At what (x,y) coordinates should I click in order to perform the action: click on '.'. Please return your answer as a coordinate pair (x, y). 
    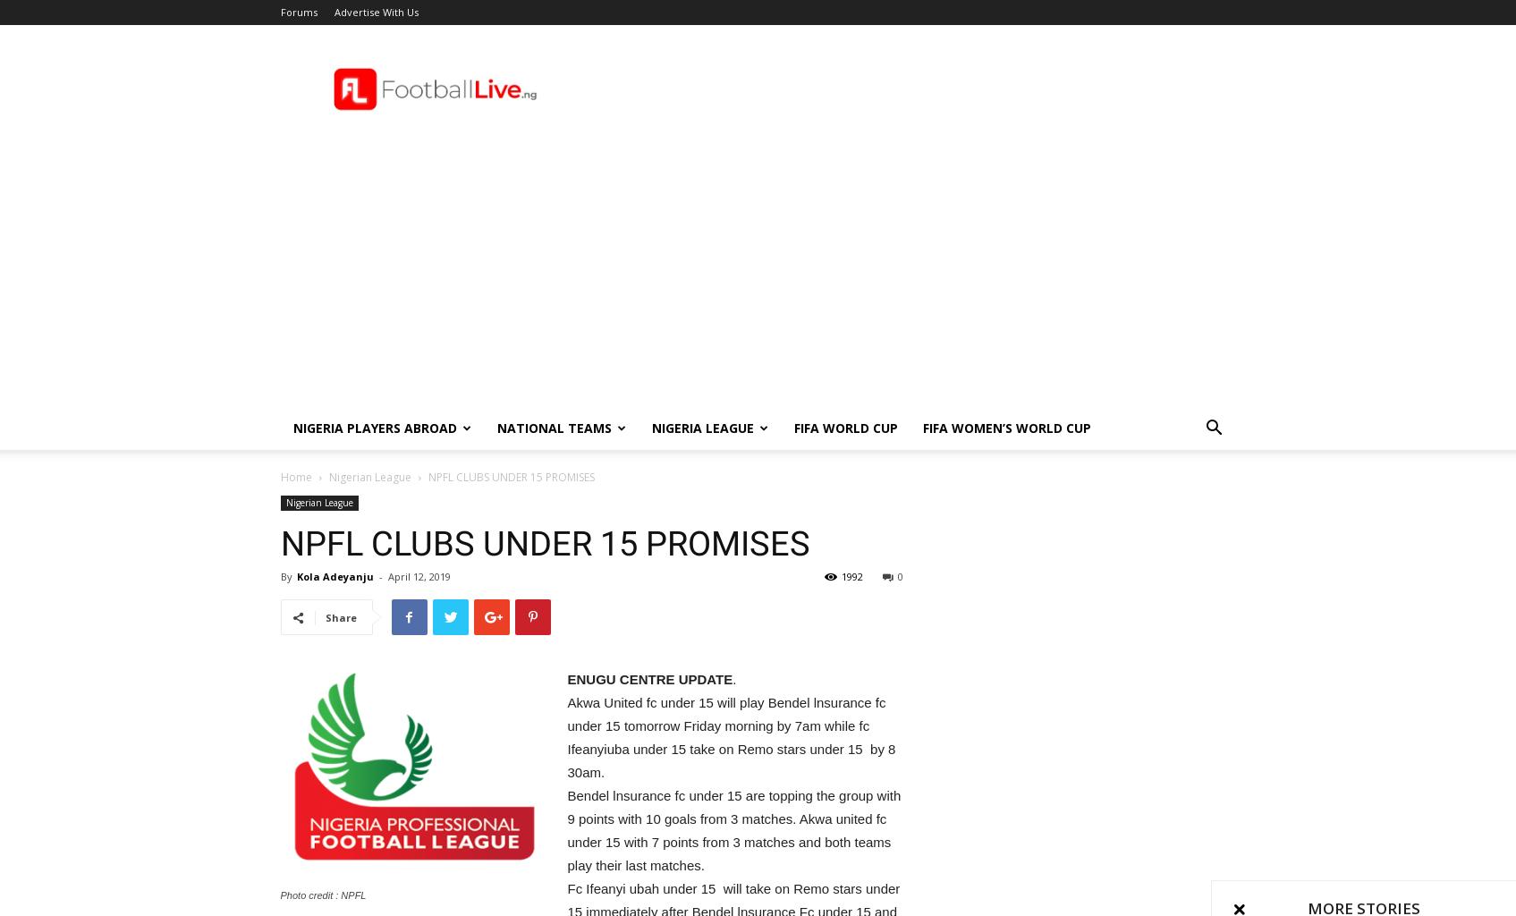
    Looking at the image, I should click on (734, 678).